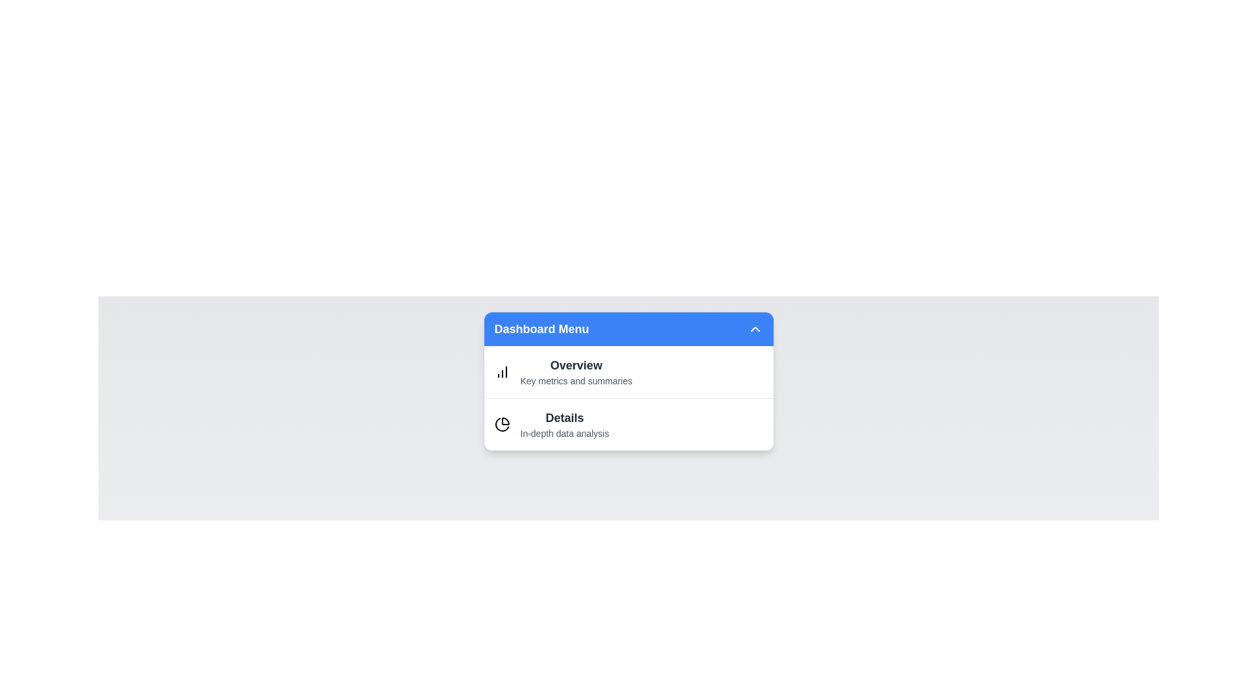  I want to click on the 'Overview' section to focus on its details, so click(575, 365).